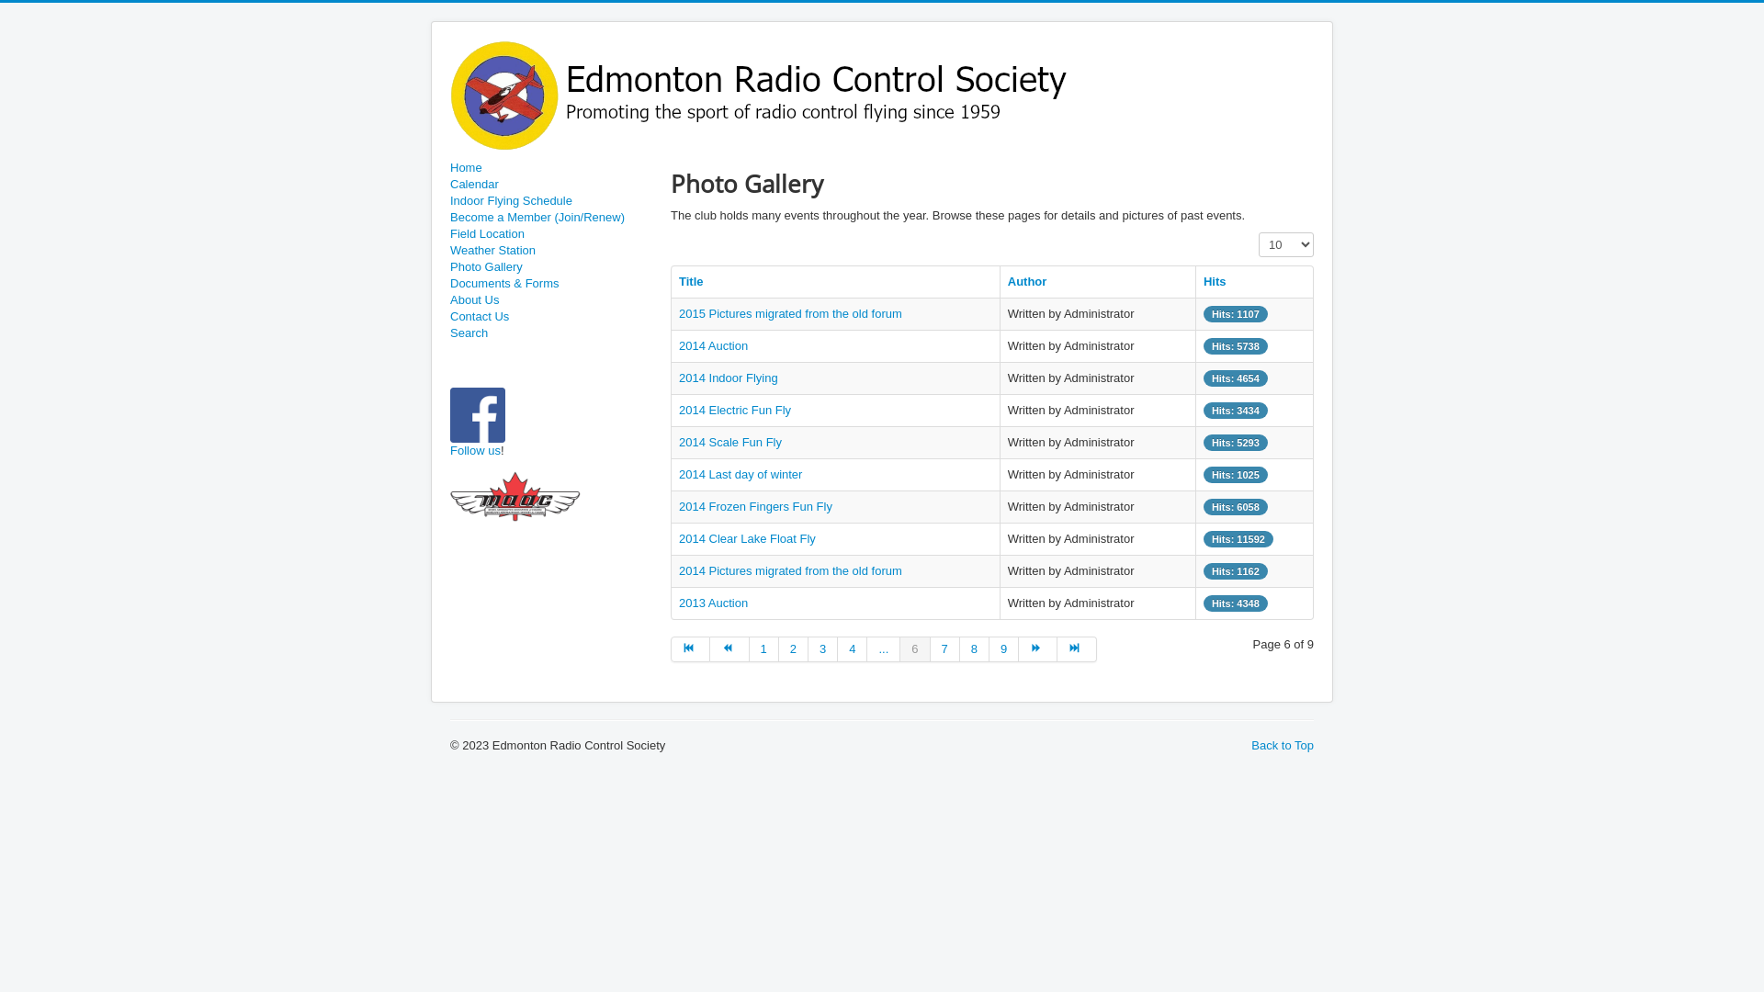 This screenshot has height=992, width=1764. Describe the element at coordinates (1076, 648) in the screenshot. I see `'End'` at that location.